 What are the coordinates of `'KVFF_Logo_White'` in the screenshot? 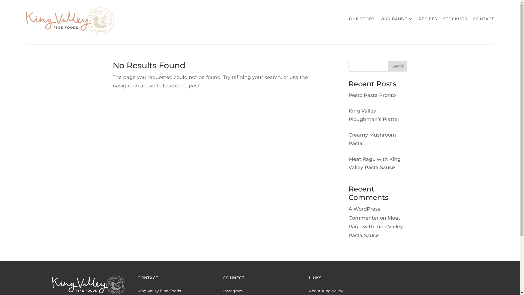 It's located at (88, 285).